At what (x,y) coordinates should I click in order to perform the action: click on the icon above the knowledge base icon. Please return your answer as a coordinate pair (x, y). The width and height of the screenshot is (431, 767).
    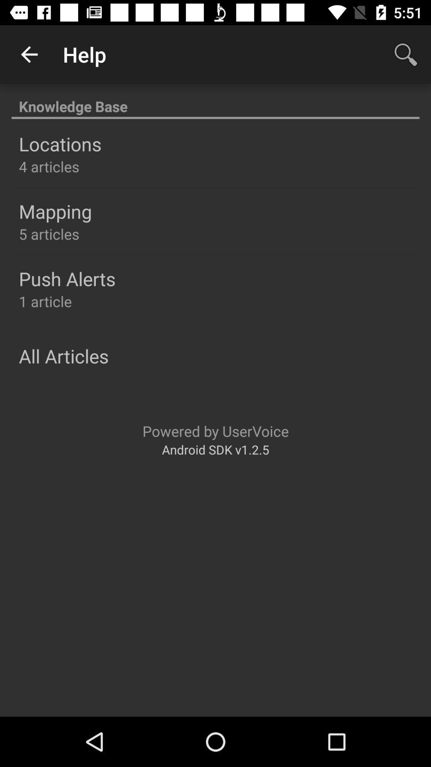
    Looking at the image, I should click on (29, 54).